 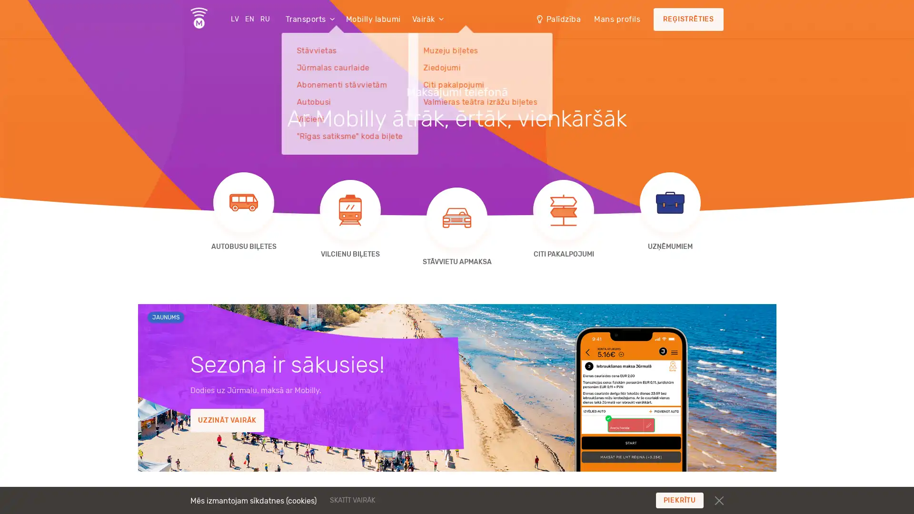 What do you see at coordinates (679, 500) in the screenshot?
I see `PIEKRITU` at bounding box center [679, 500].